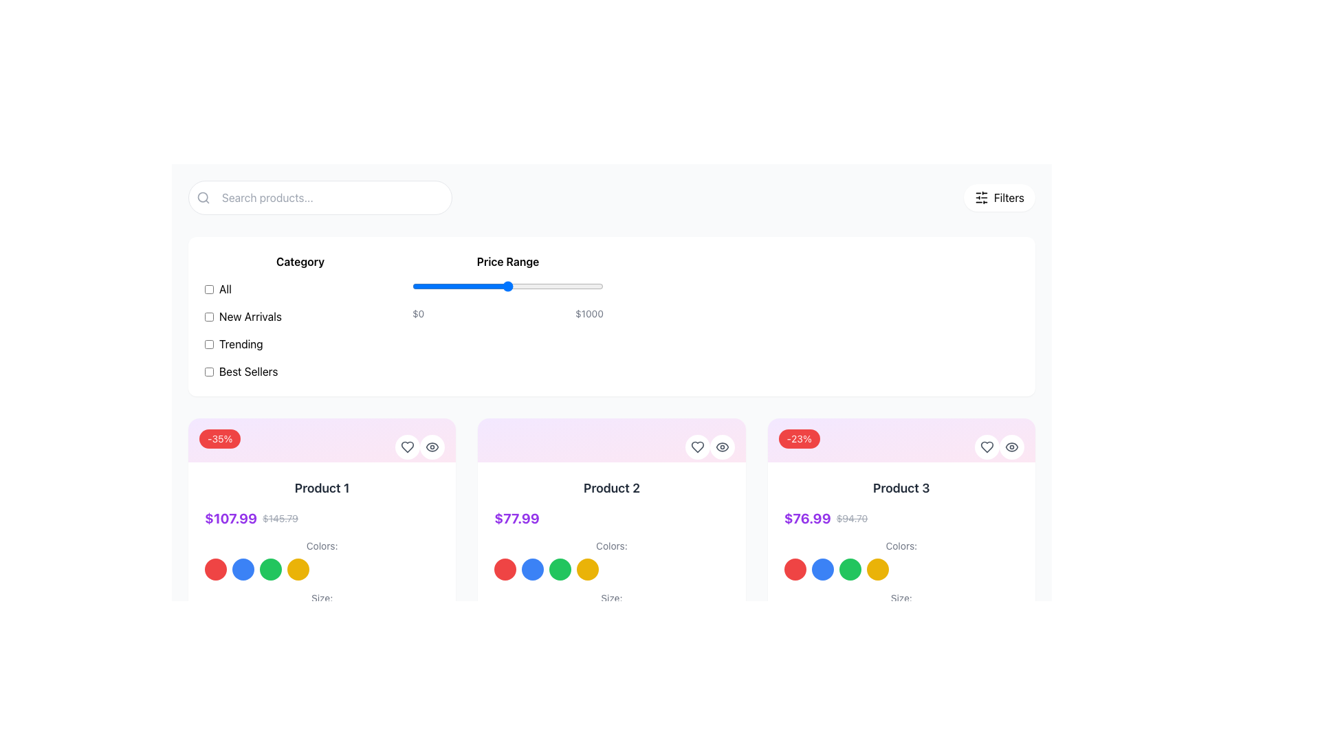  Describe the element at coordinates (432, 285) in the screenshot. I see `the price range` at that location.